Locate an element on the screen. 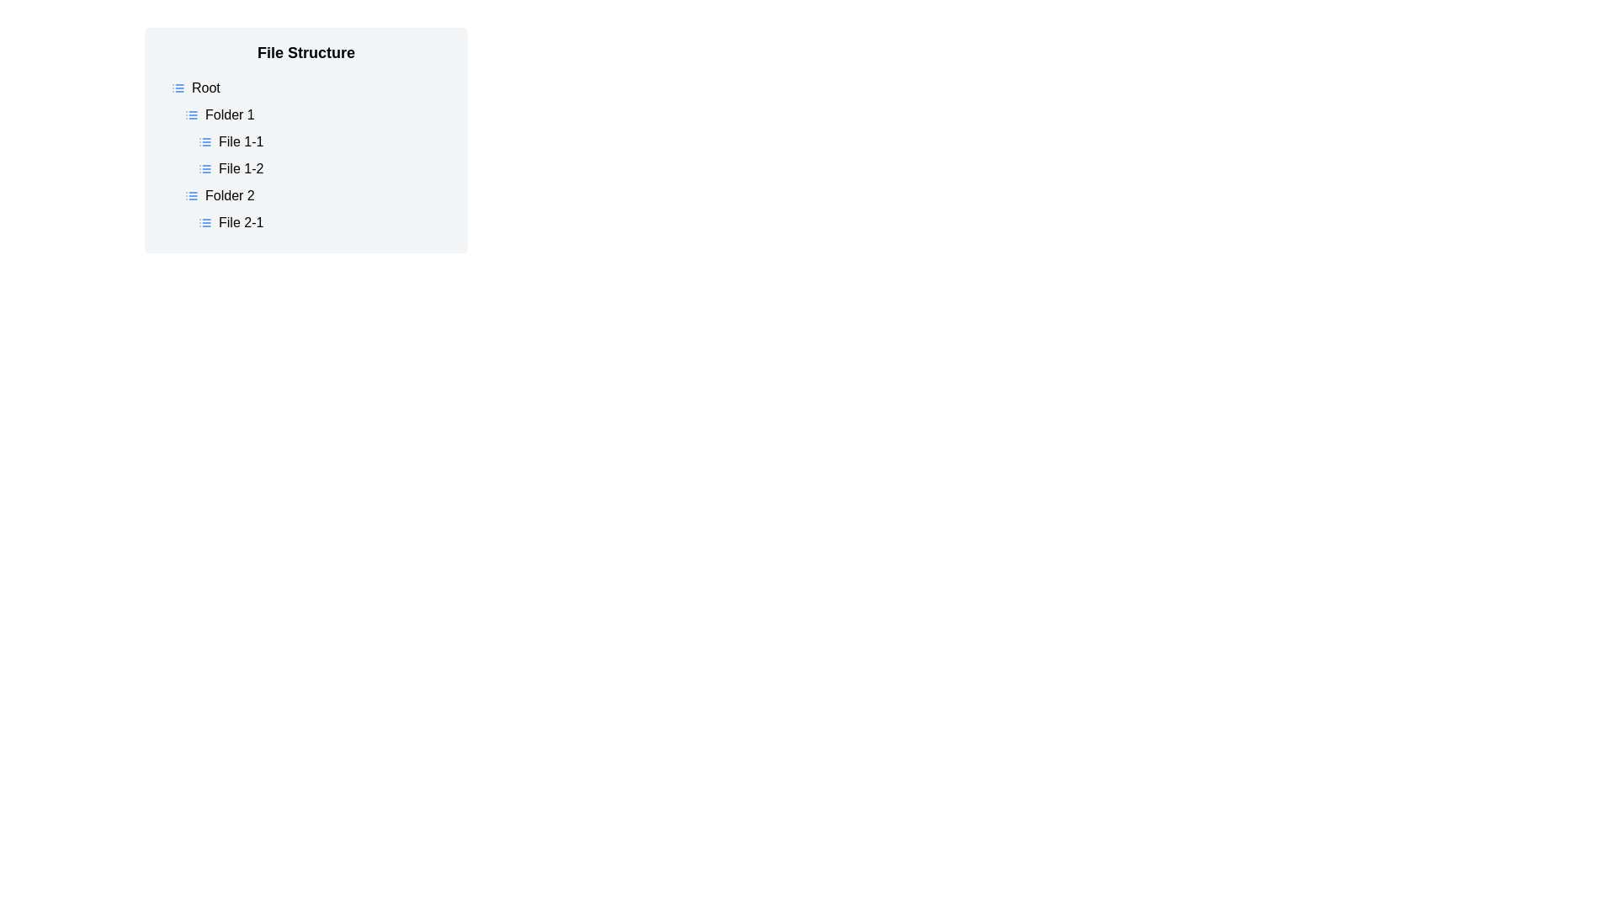  on the text label 'Folder 1' in the hierarchical list is located at coordinates (229, 114).